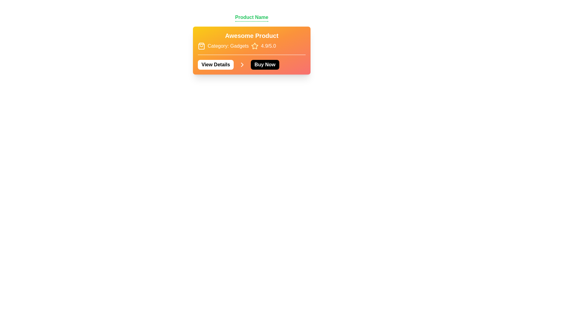 The width and height of the screenshot is (588, 330). I want to click on the 'View Details' button, which has a white background, black bold text, and rounded corners, to possibly reveal additional actions, so click(216, 65).